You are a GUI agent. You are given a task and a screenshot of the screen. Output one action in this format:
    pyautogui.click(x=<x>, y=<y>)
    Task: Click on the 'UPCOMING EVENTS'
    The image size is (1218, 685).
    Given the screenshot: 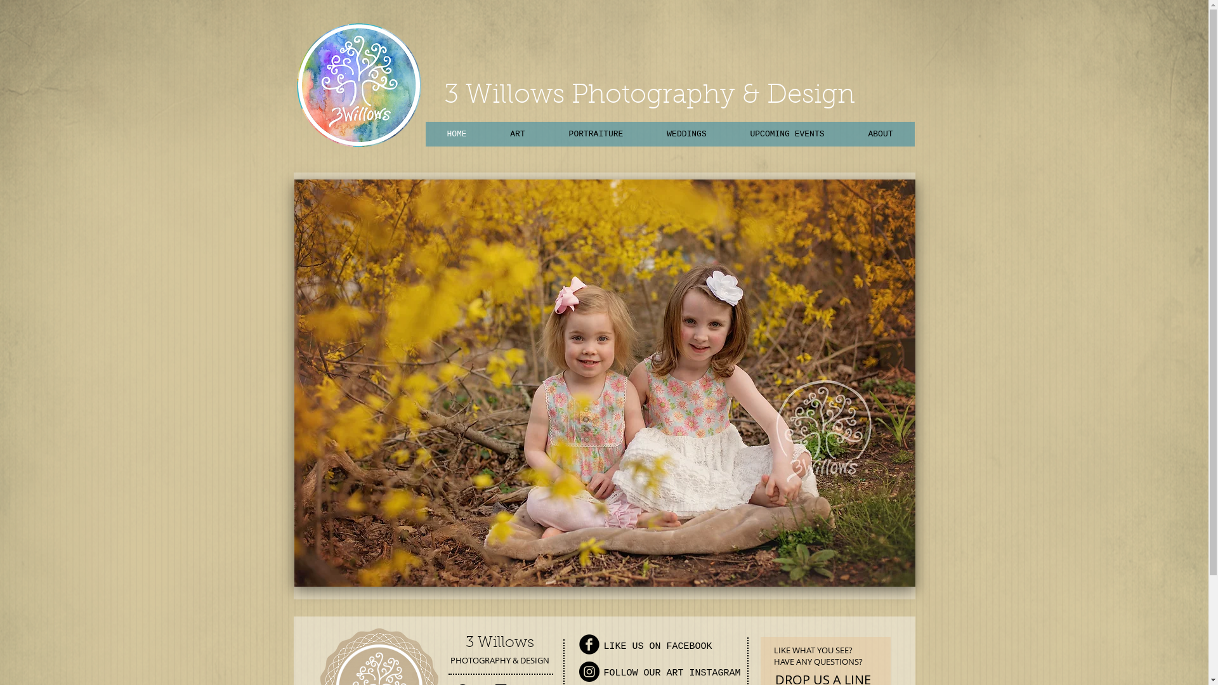 What is the action you would take?
    pyautogui.click(x=787, y=134)
    